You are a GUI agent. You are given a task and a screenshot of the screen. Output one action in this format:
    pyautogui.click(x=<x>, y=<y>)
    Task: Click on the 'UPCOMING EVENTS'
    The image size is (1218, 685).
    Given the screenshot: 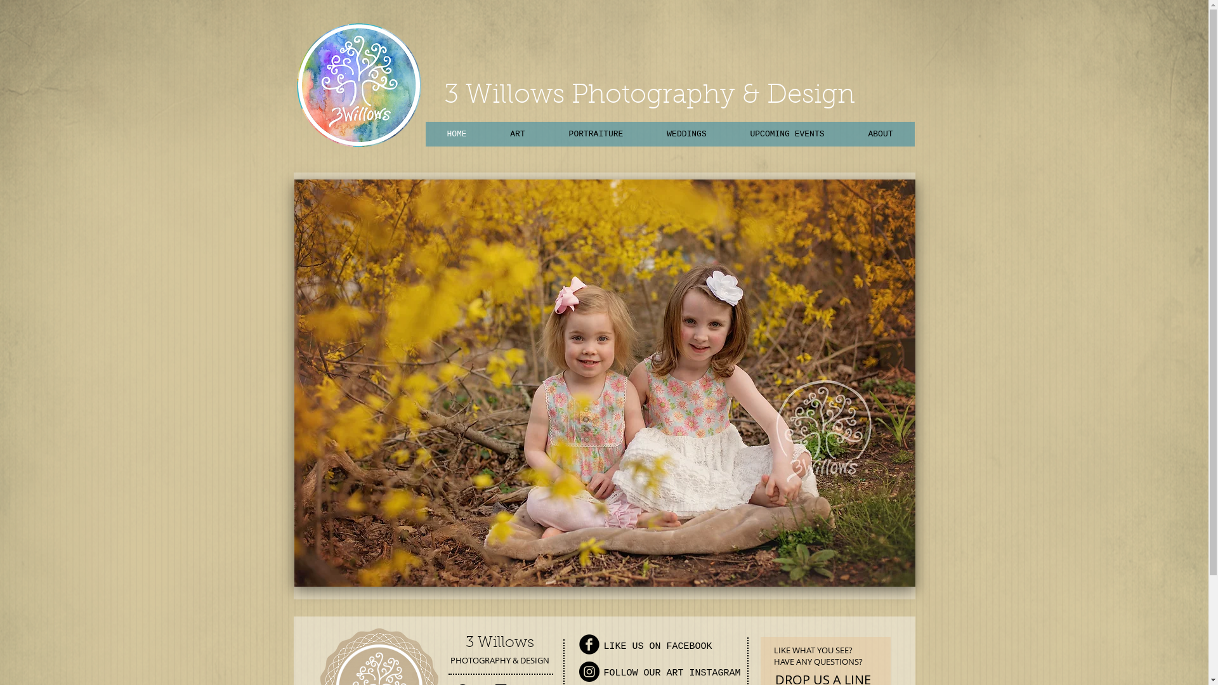 What is the action you would take?
    pyautogui.click(x=787, y=134)
    